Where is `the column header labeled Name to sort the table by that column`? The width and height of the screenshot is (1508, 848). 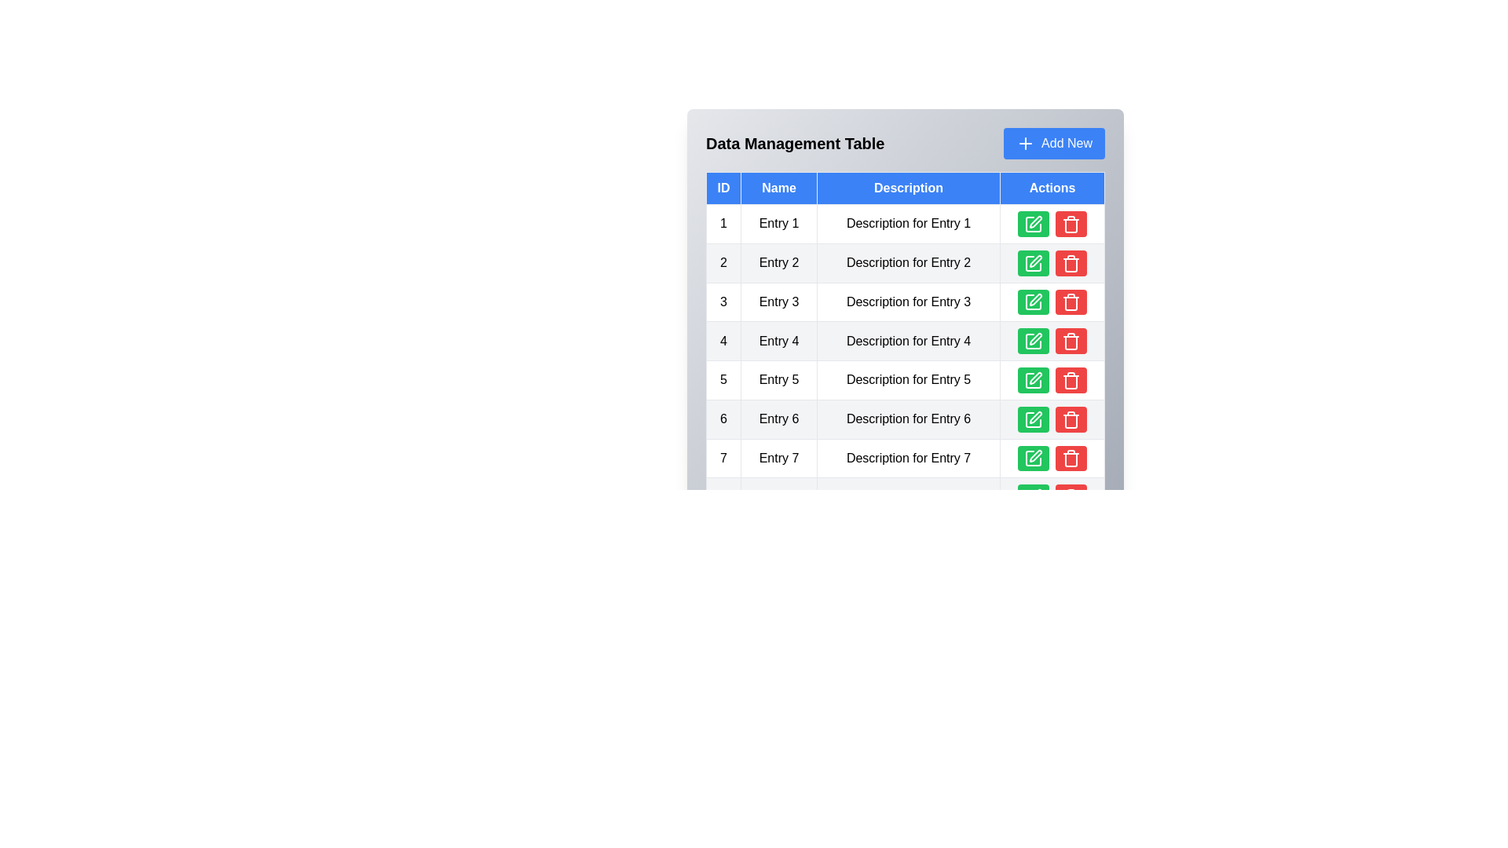 the column header labeled Name to sort the table by that column is located at coordinates (779, 187).